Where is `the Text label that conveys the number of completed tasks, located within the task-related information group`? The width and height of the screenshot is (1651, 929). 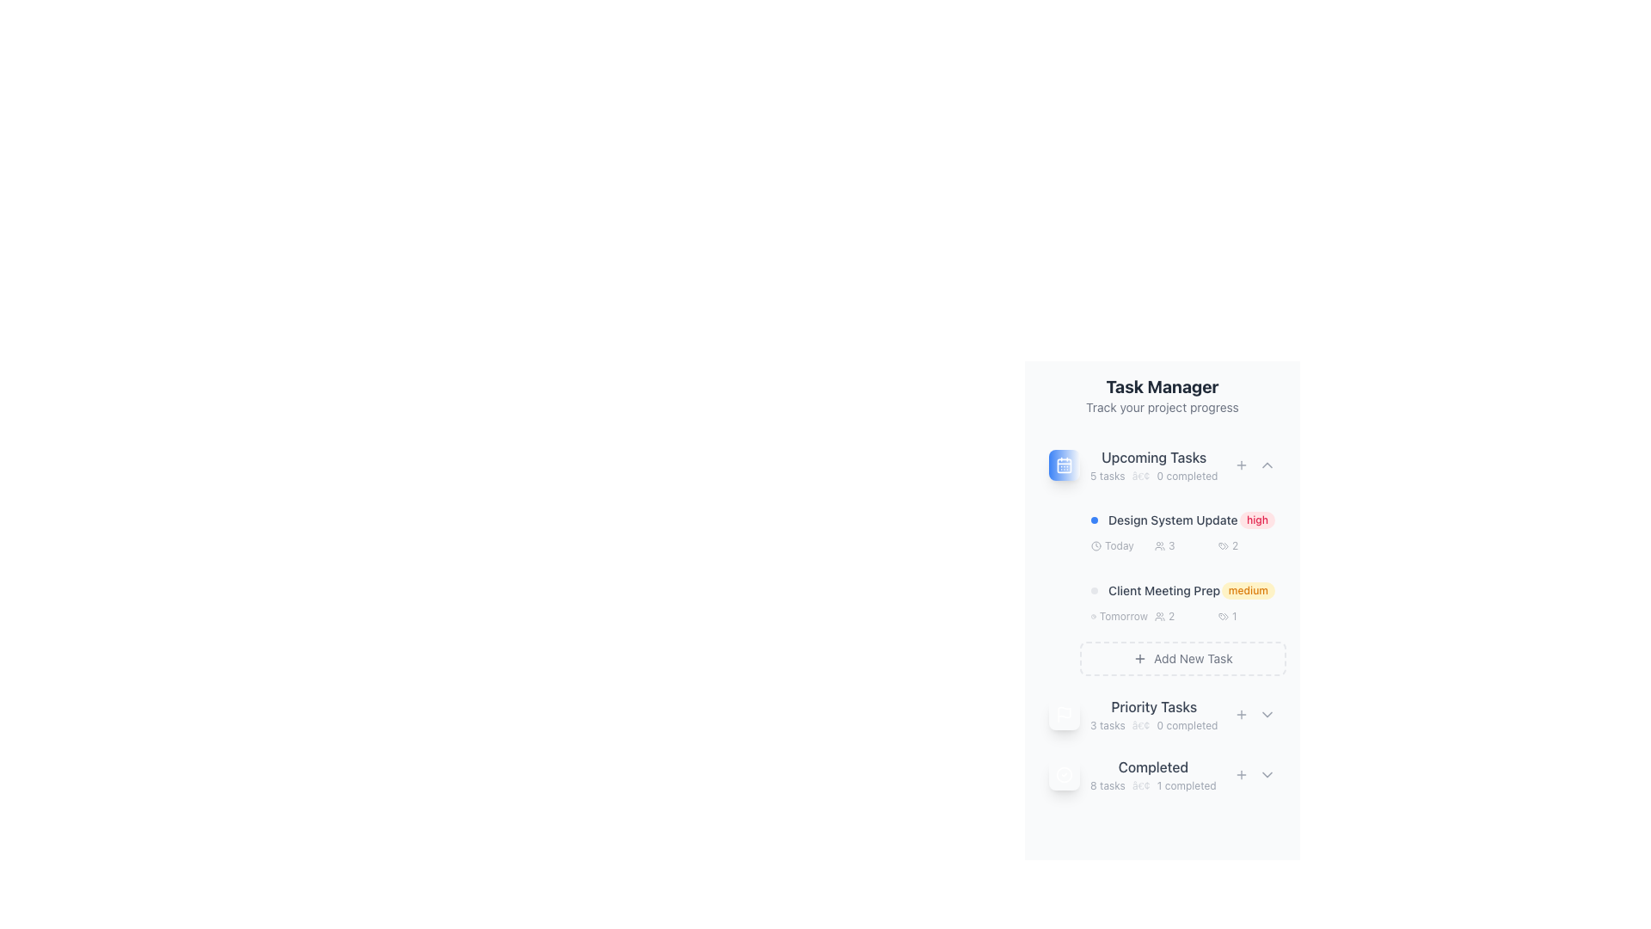 the Text label that conveys the number of completed tasks, located within the task-related information group is located at coordinates (1187, 726).